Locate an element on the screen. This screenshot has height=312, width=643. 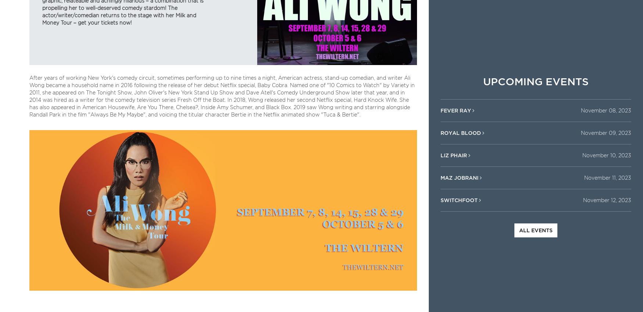
'November 12, 2023' is located at coordinates (606, 200).